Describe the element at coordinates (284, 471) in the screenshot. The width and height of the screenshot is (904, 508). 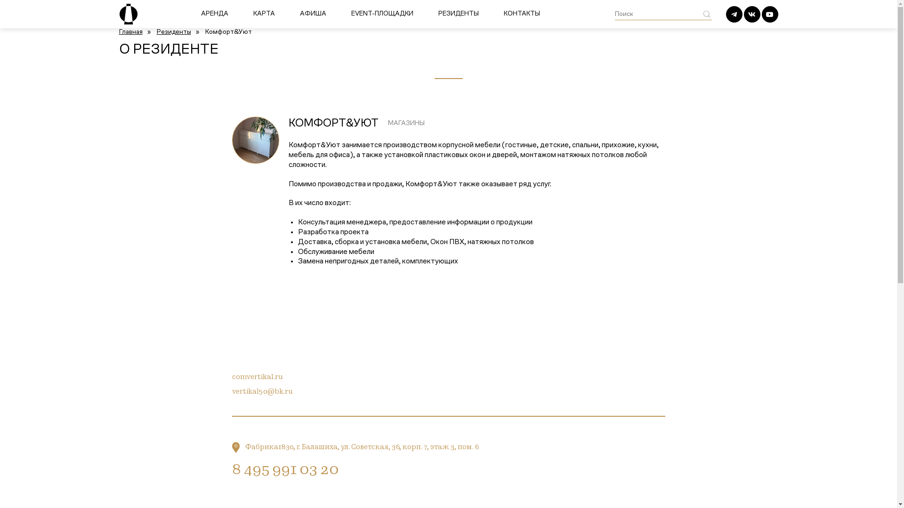
I see `'8 495 991 03 20'` at that location.